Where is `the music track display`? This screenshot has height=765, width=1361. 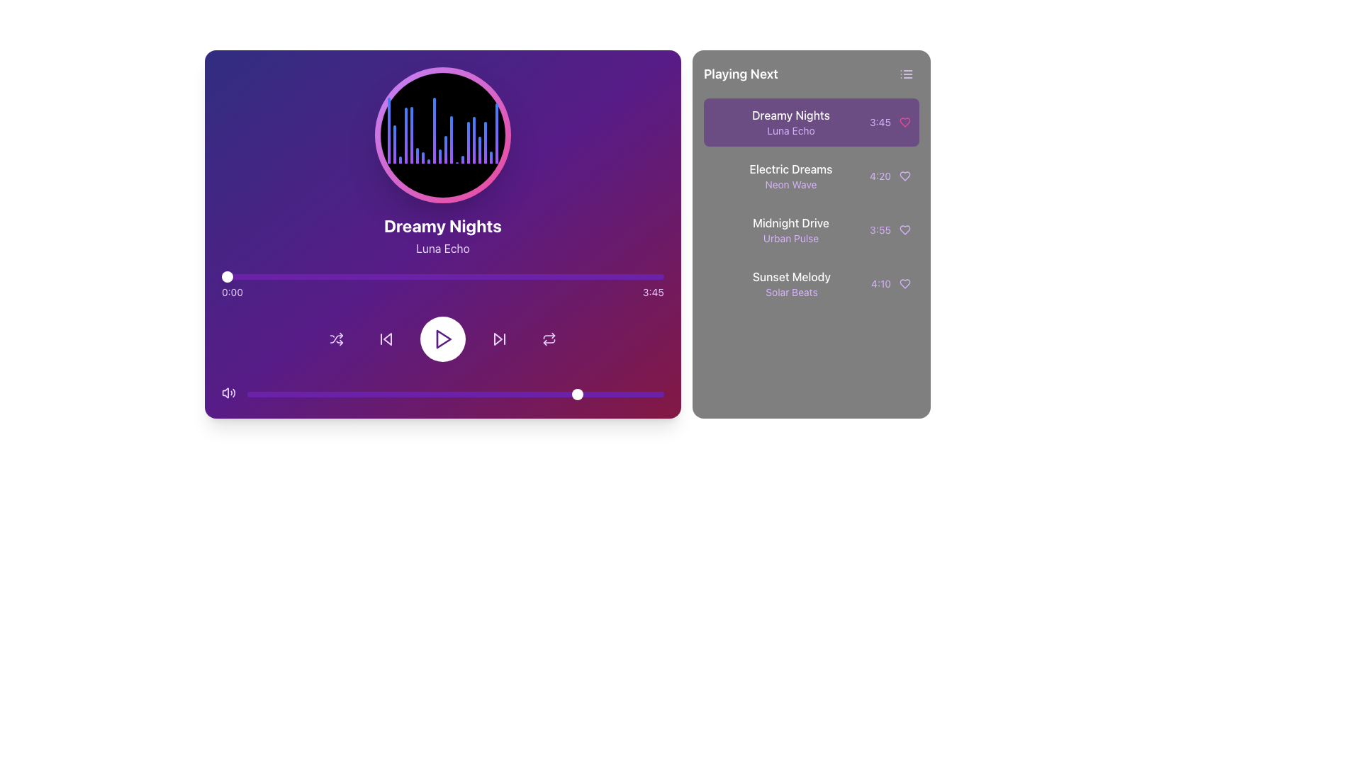
the music track display is located at coordinates (791, 284).